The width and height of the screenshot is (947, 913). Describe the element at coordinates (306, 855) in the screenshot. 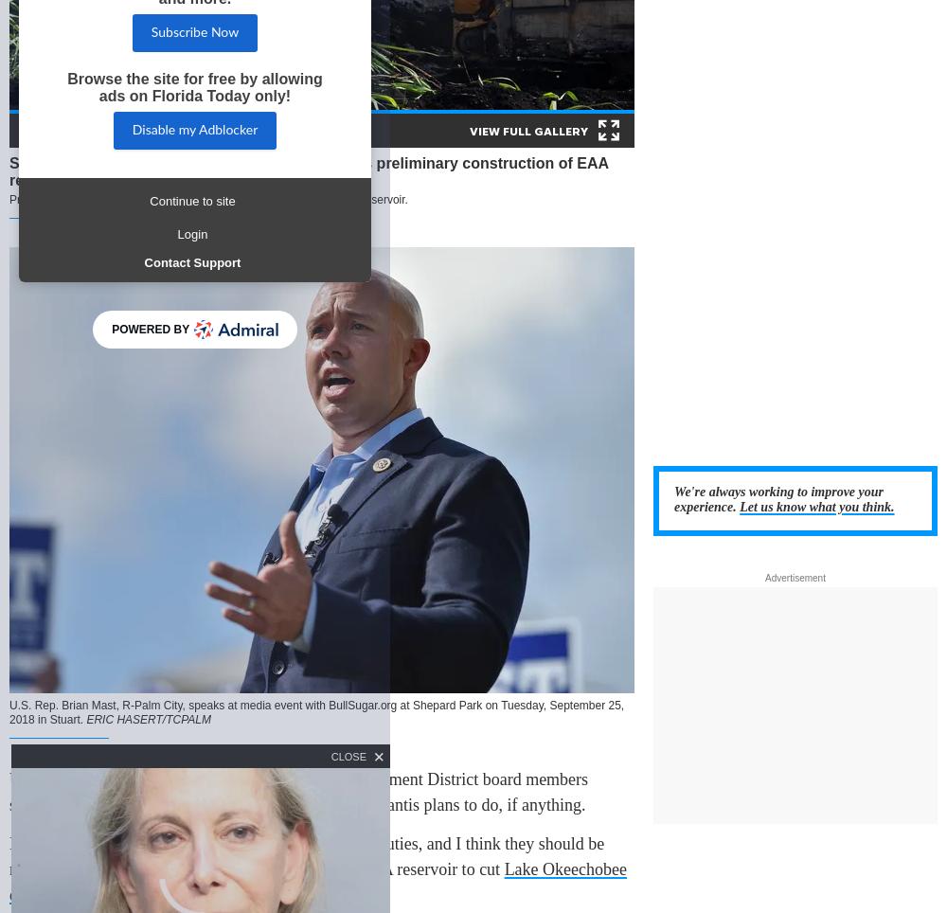

I see `'Mast said board members "have been derelict in their duties, and I think they should be replaced" because they agreed to lease land for the EAA reservoir to cut'` at that location.